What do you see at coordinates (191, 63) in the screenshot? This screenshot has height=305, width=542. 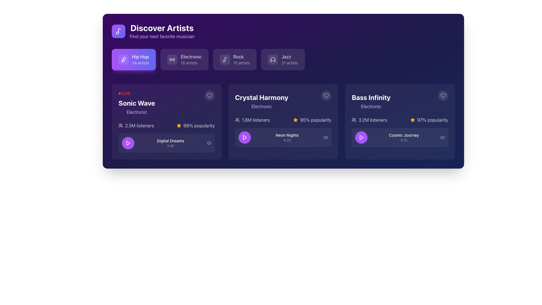 I see `number of artists displayed in the text label showing '18 artists' located under the 'Electronic' label within the button-like component` at bounding box center [191, 63].